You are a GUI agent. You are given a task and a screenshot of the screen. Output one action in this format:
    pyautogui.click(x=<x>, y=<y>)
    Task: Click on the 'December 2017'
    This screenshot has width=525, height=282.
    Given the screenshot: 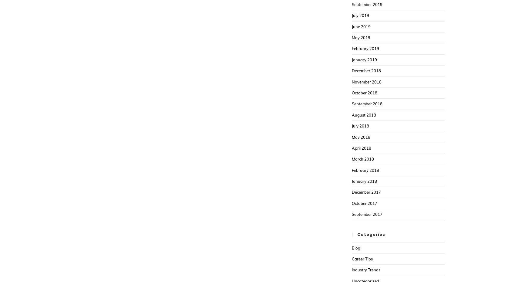 What is the action you would take?
    pyautogui.click(x=352, y=192)
    